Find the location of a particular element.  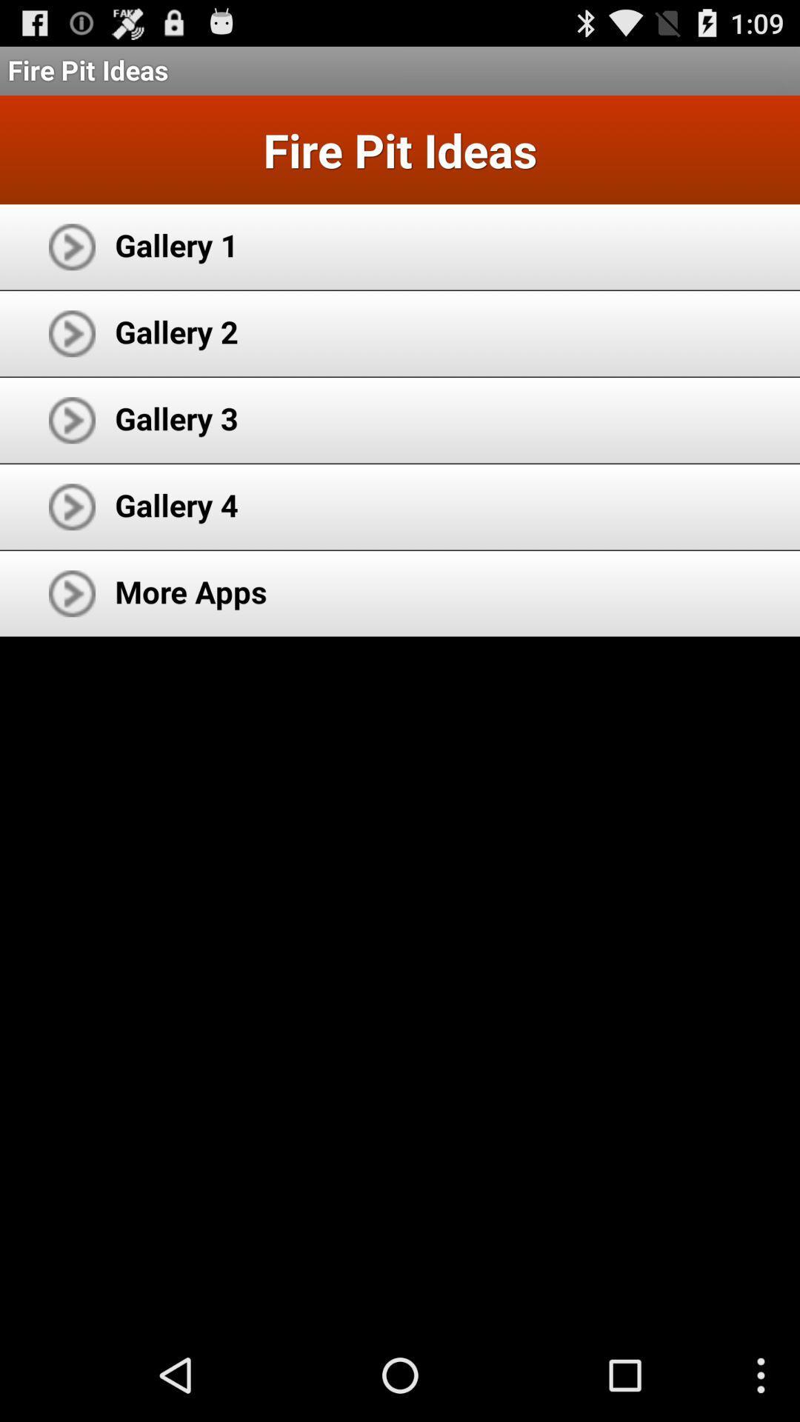

the item above gallery 4 app is located at coordinates (176, 417).